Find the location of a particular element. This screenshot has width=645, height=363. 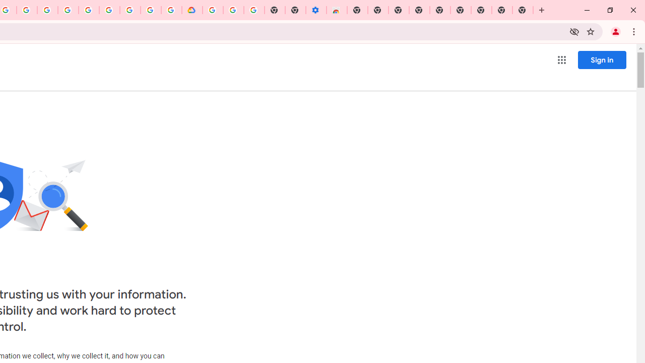

'Create your Google Account' is located at coordinates (27, 10).